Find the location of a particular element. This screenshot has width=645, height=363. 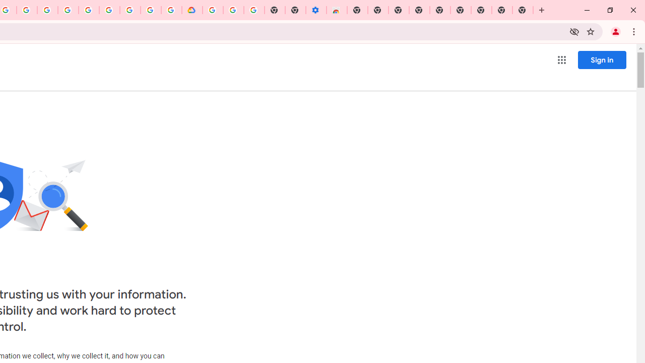

'Create your Google Account' is located at coordinates (27, 10).